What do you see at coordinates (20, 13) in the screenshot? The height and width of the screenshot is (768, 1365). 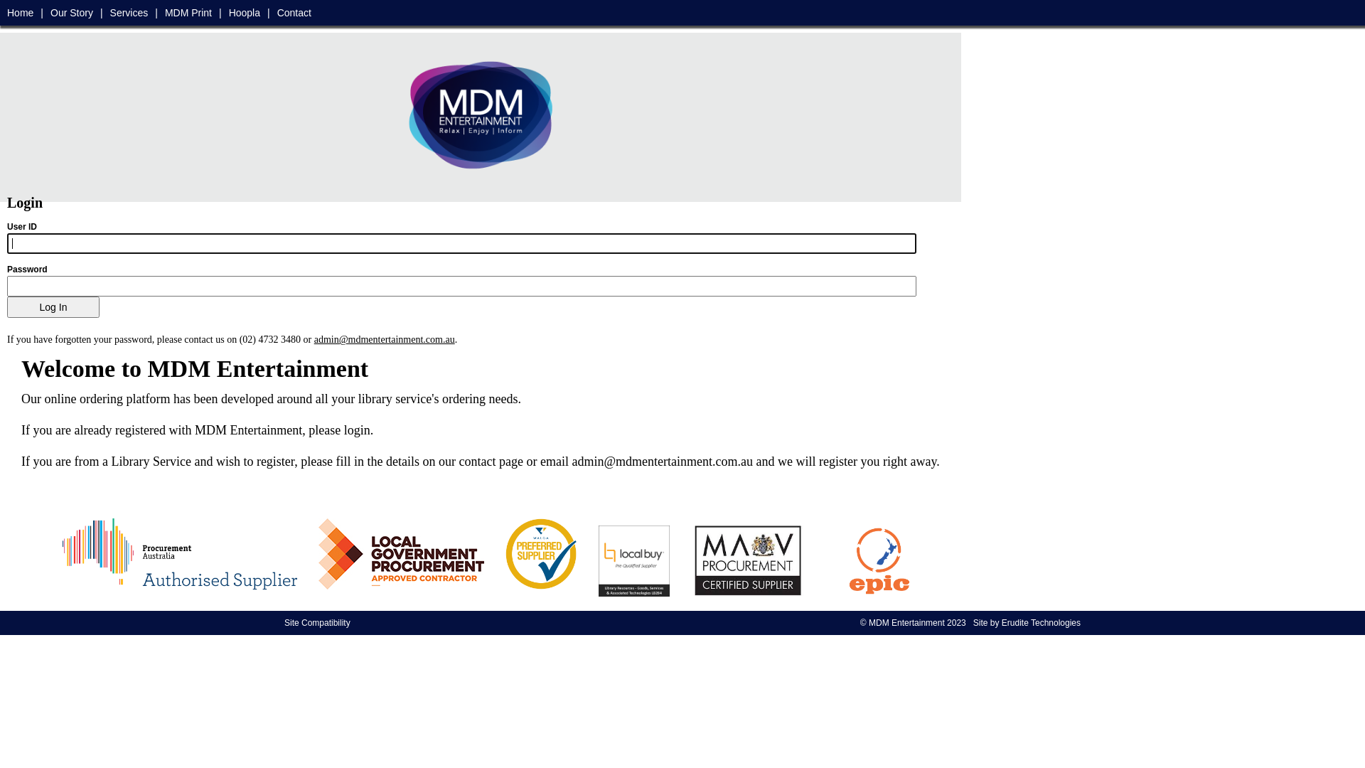 I see `'Home'` at bounding box center [20, 13].